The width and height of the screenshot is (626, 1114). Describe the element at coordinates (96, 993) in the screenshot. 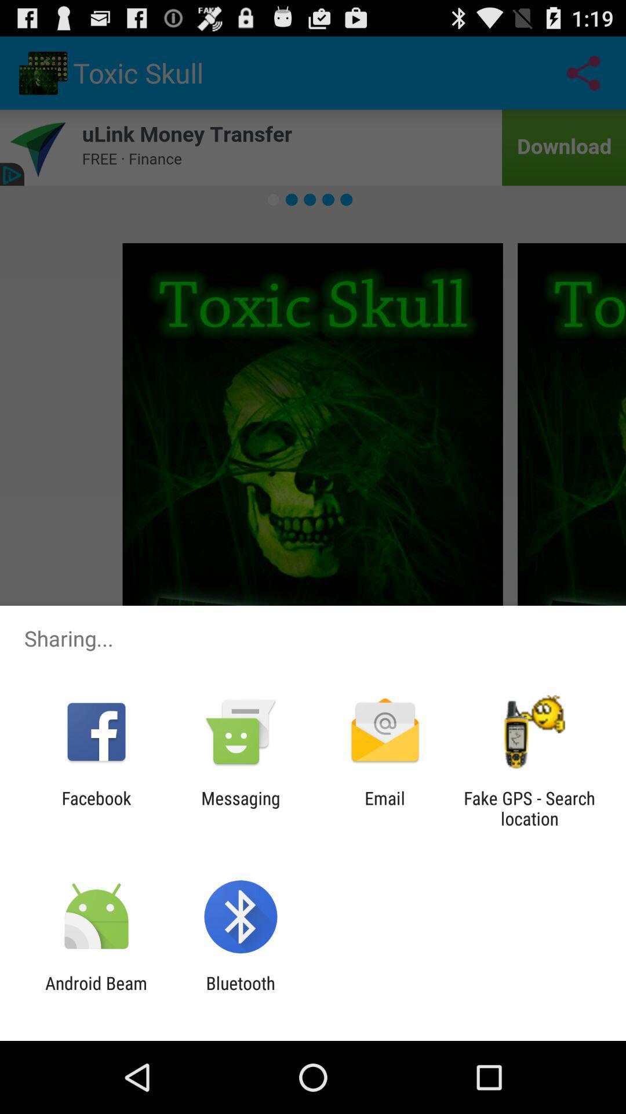

I see `item next to bluetooth app` at that location.